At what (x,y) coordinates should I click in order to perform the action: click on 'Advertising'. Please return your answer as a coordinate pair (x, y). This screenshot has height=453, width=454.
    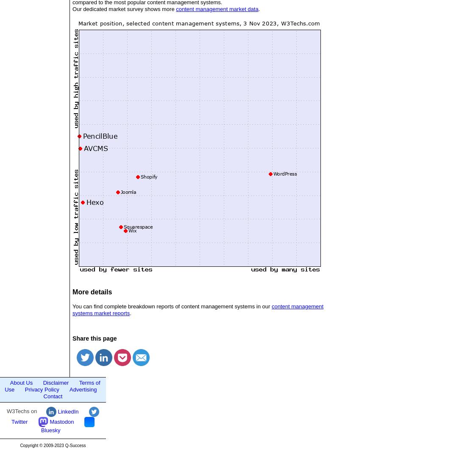
    Looking at the image, I should click on (82, 389).